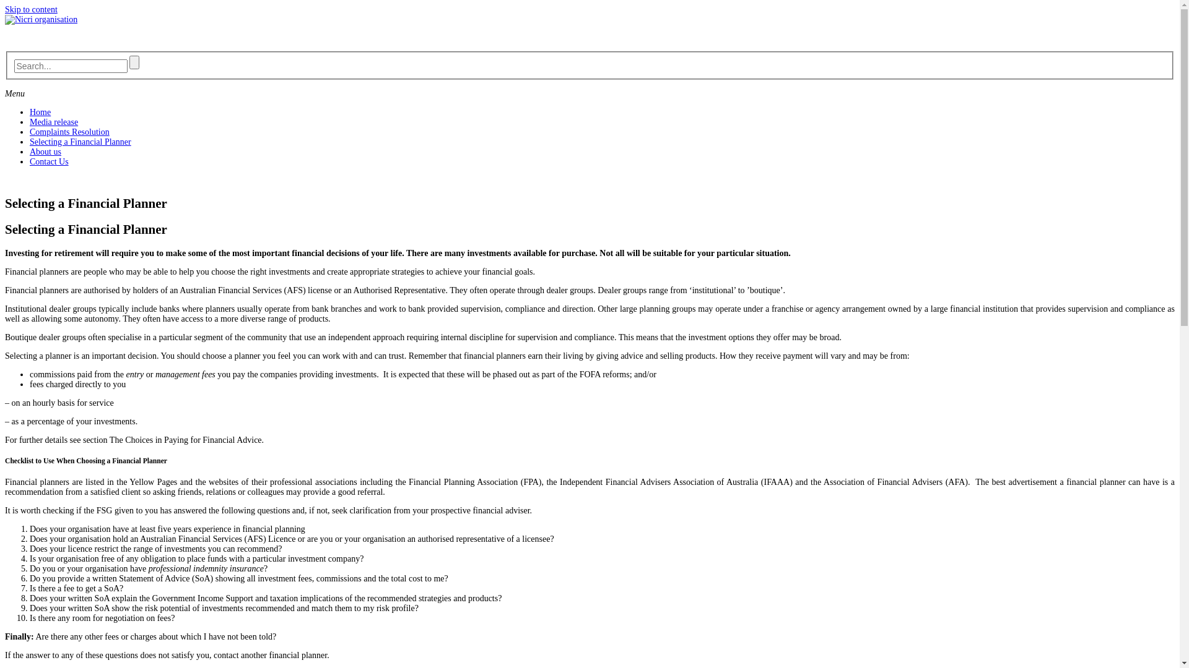 The image size is (1189, 668). I want to click on 'Home', so click(30, 112).